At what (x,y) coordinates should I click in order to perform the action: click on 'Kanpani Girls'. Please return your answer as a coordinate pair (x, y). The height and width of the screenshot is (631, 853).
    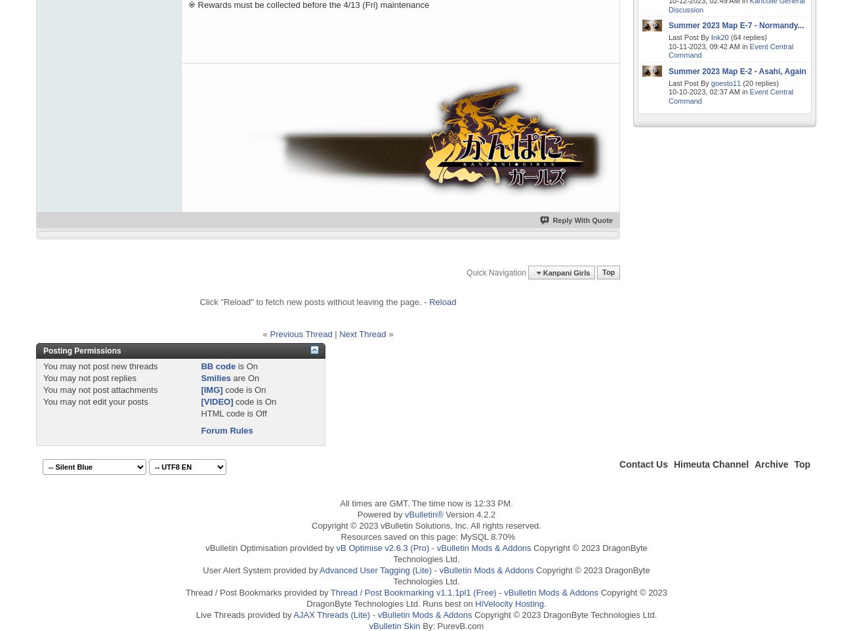
    Looking at the image, I should click on (566, 272).